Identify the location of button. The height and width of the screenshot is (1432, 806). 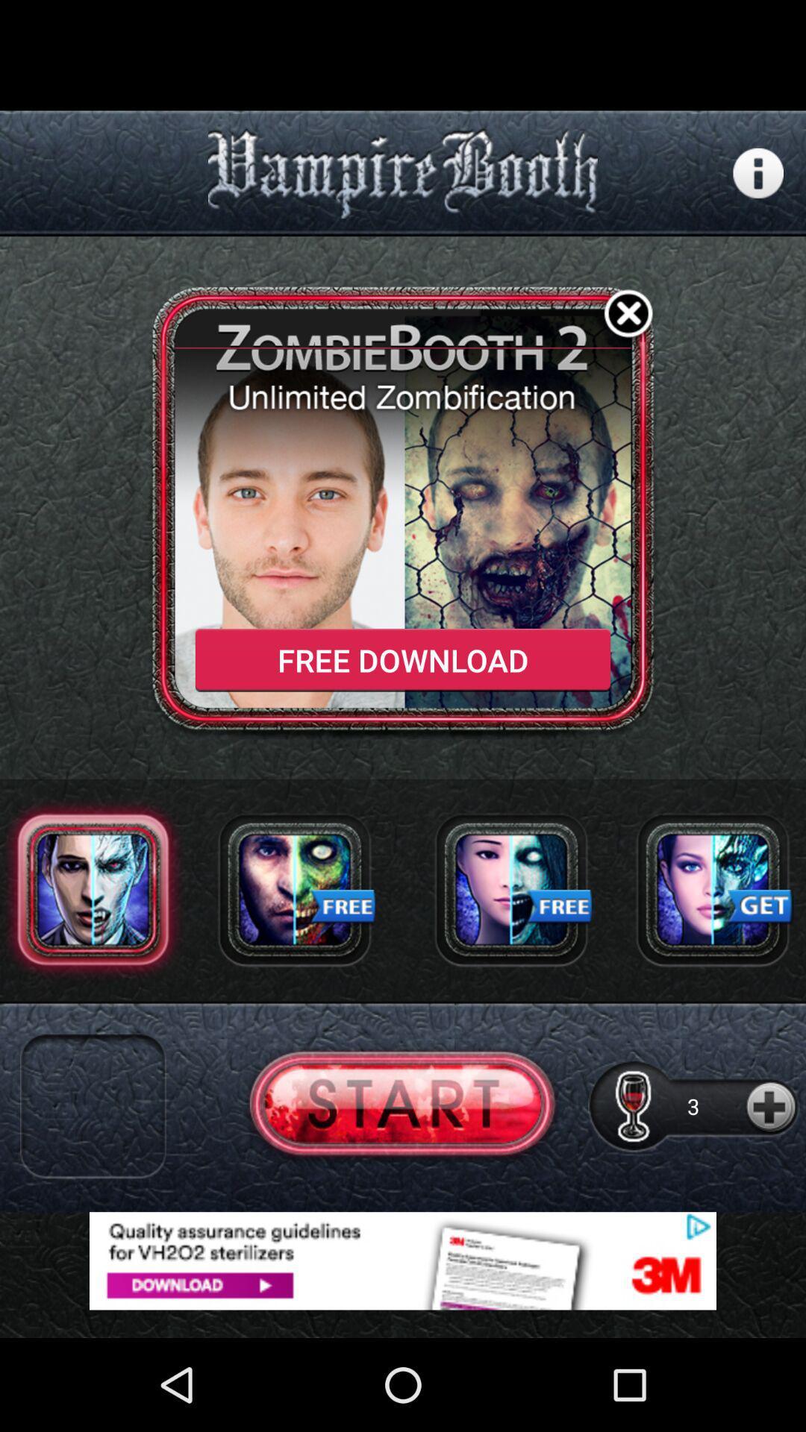
(628, 315).